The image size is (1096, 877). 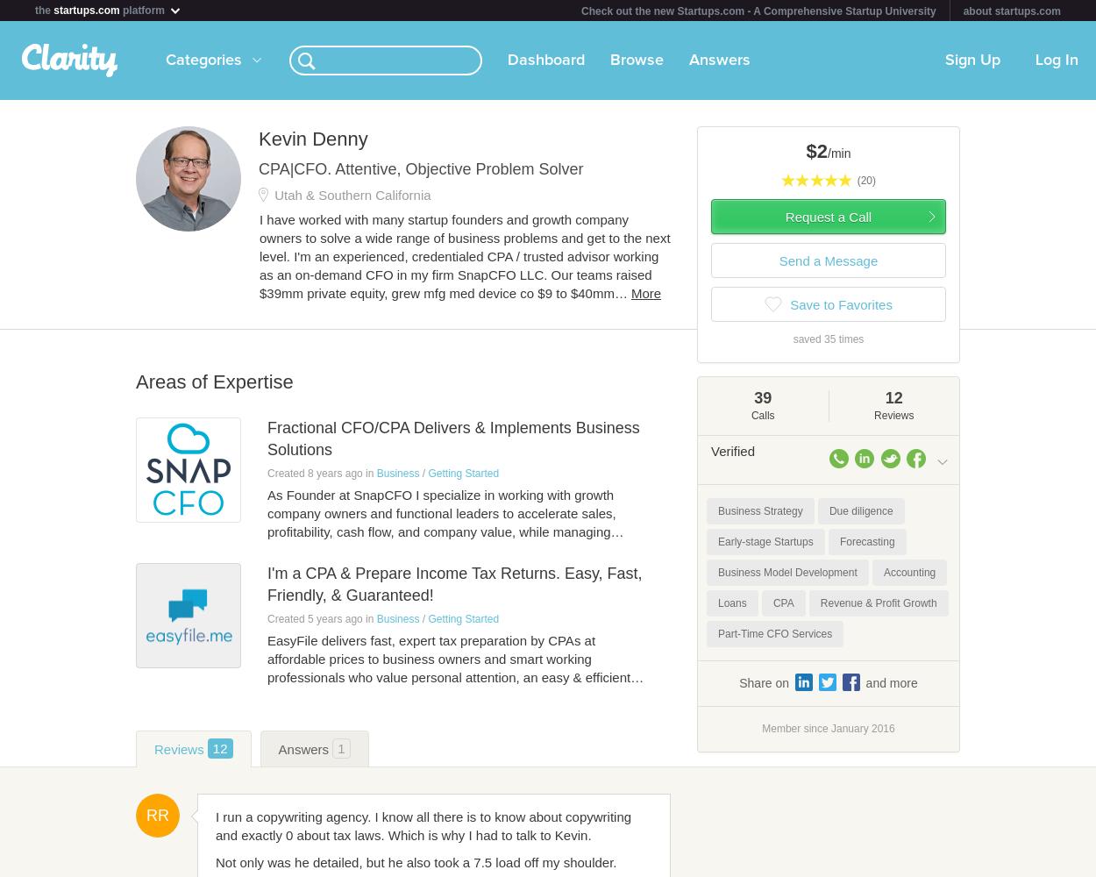 I want to click on 'the', so click(x=35, y=11).